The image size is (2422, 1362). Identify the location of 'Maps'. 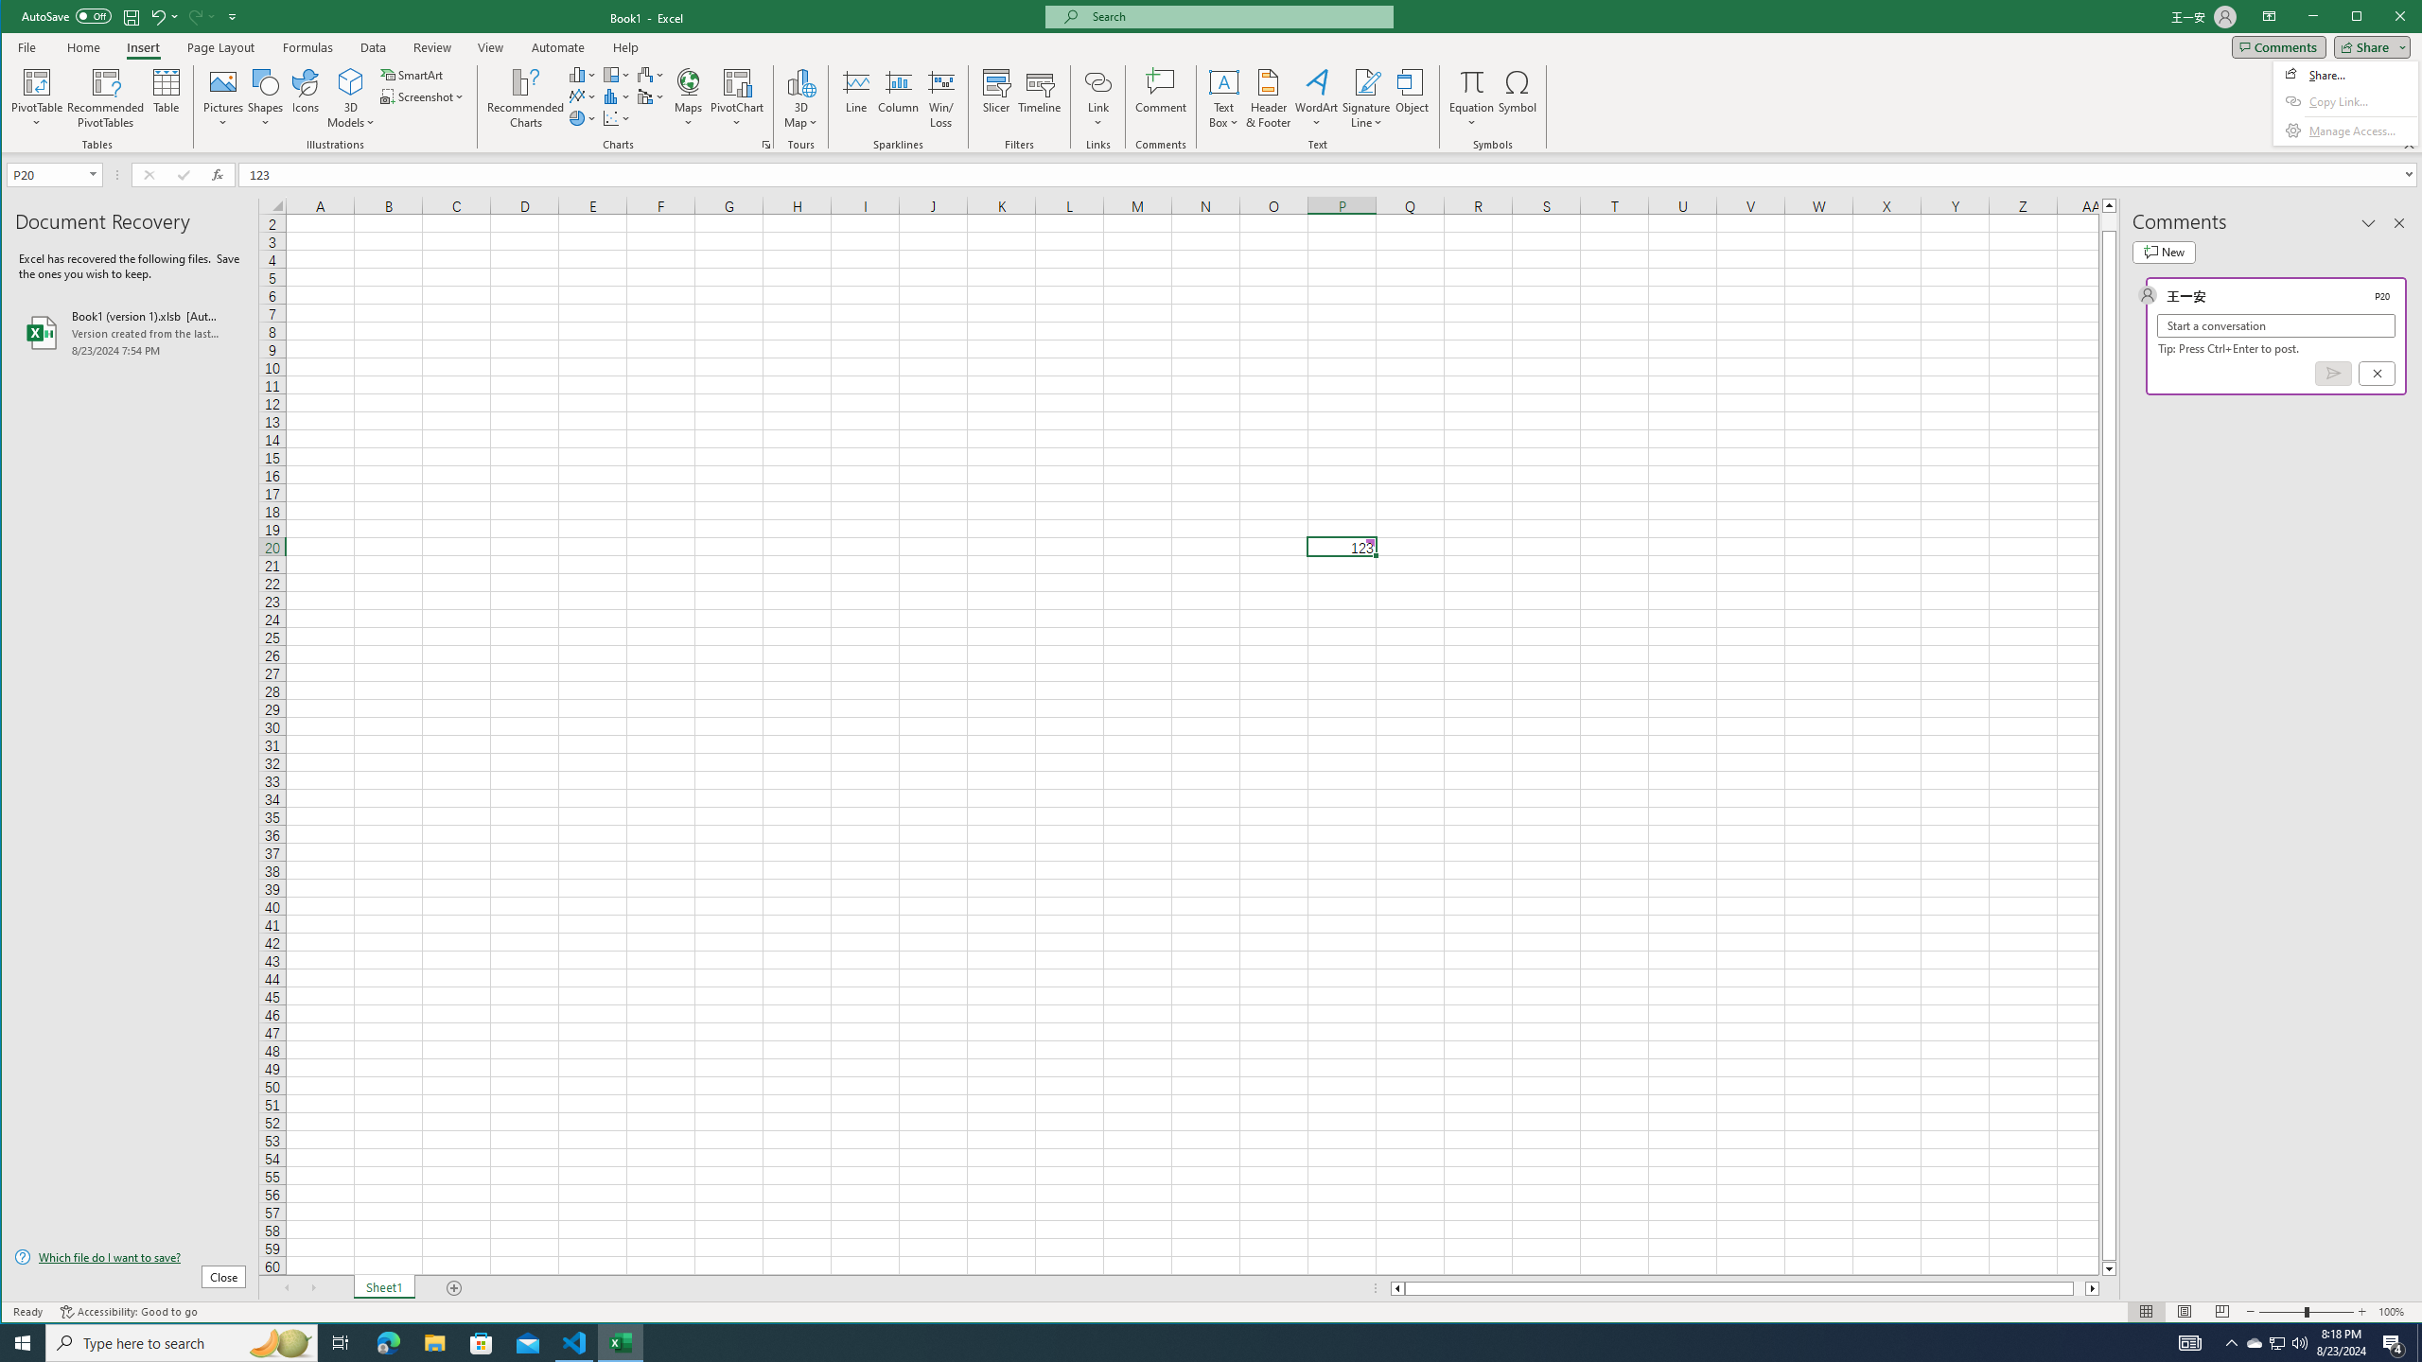
(651, 74).